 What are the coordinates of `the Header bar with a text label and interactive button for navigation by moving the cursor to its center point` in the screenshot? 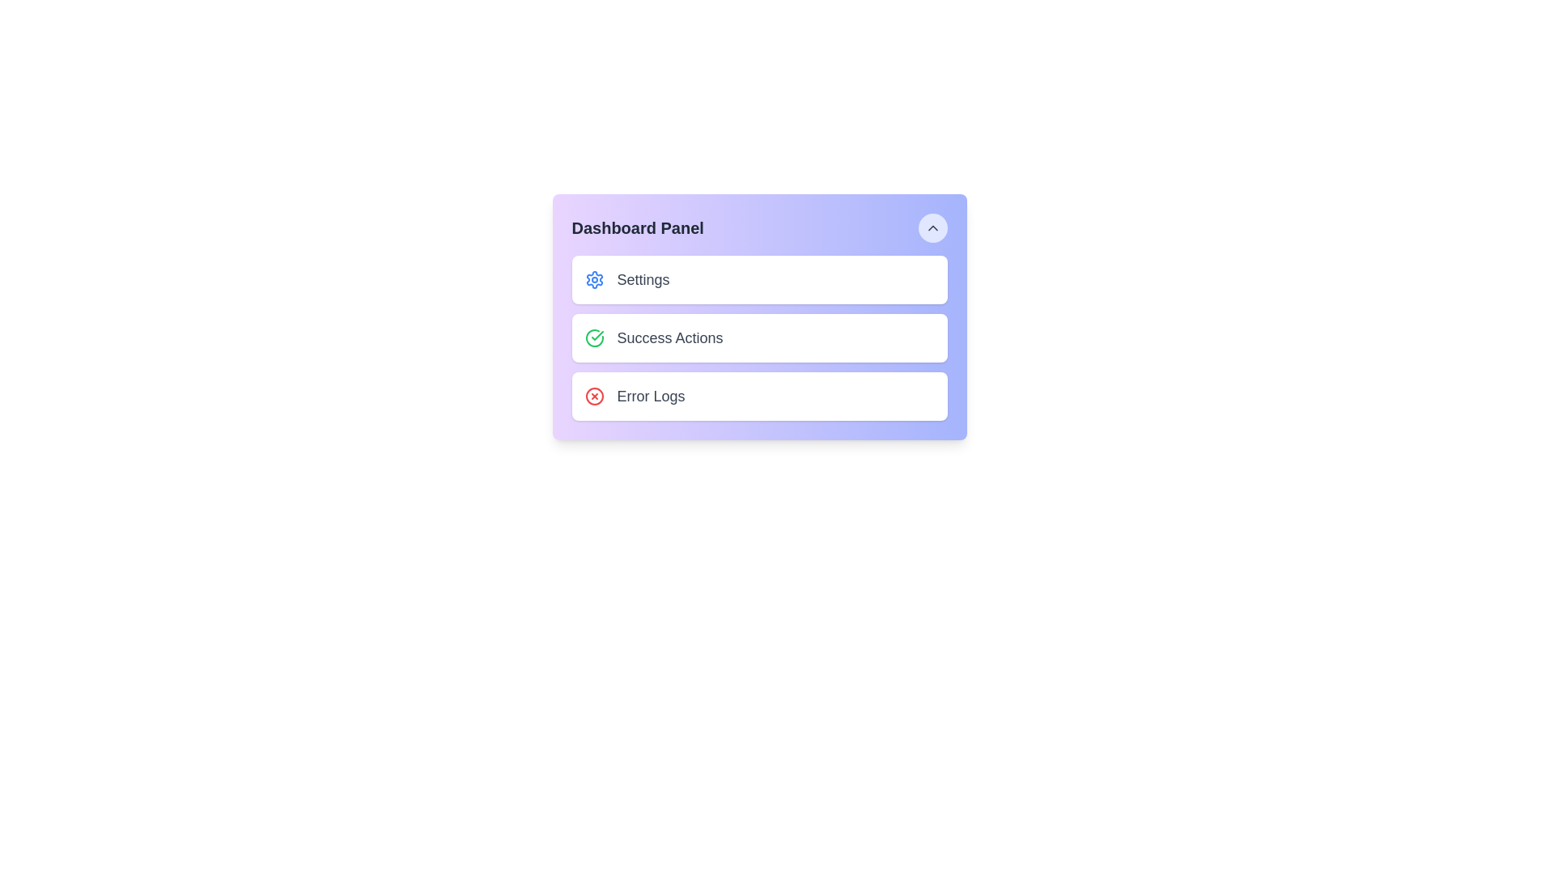 It's located at (758, 227).